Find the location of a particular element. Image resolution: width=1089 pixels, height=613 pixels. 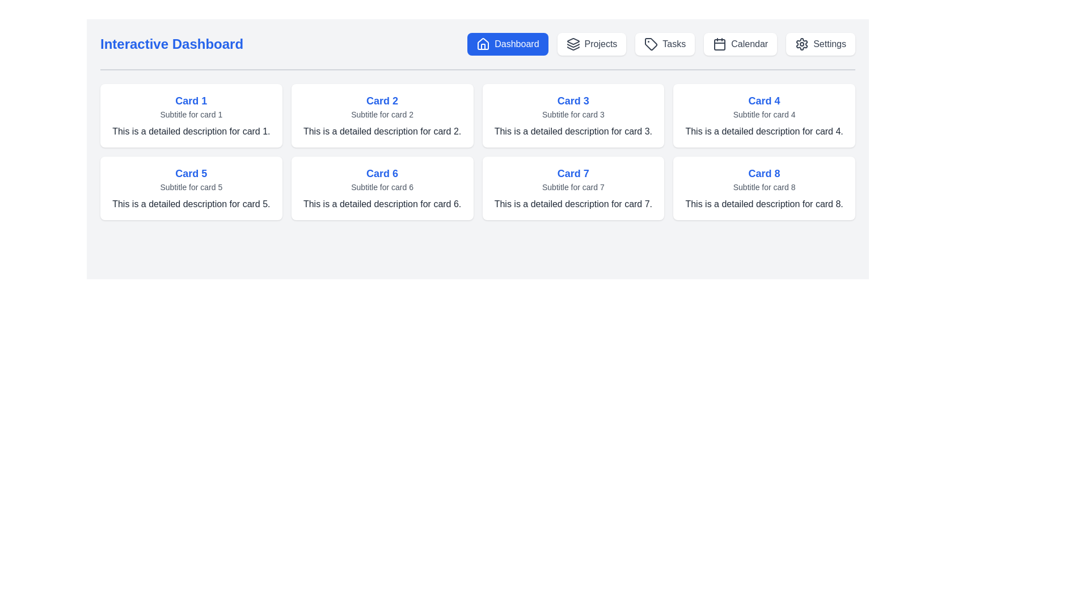

the blue rectangular button labeled 'Dashboard' with a house icon to trigger the hover effect is located at coordinates (507, 43).